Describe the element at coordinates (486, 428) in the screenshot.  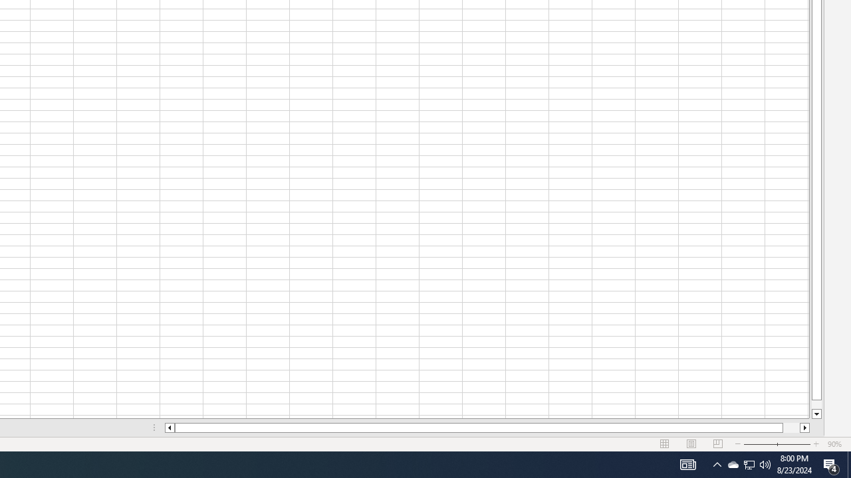
I see `'Class: NetUIScrollBar'` at that location.